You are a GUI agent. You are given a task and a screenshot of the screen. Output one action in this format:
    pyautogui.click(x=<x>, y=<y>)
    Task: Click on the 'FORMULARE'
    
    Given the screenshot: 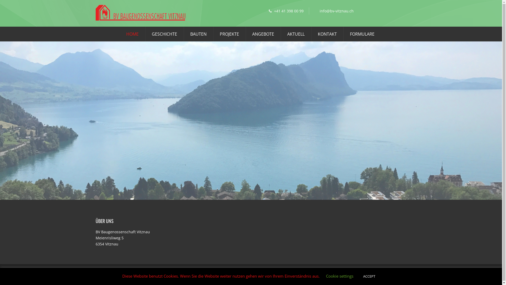 What is the action you would take?
    pyautogui.click(x=350, y=34)
    